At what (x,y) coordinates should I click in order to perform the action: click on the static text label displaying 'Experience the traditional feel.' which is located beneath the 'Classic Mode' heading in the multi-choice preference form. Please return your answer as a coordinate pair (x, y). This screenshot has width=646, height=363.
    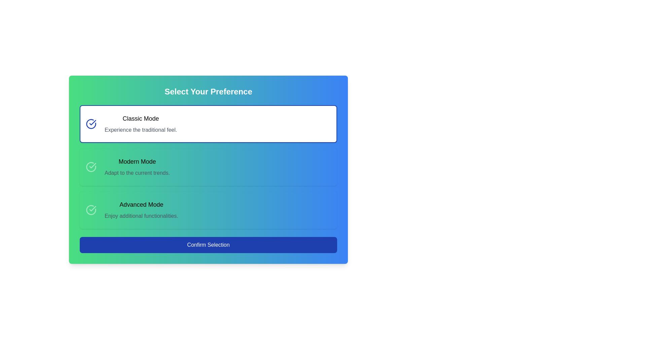
    Looking at the image, I should click on (140, 130).